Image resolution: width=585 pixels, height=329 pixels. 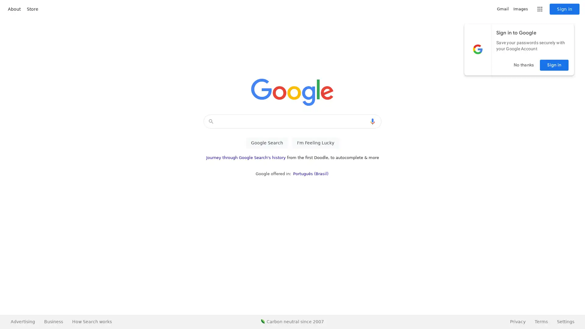 What do you see at coordinates (315, 143) in the screenshot?
I see `I'm Feeling Lucky` at bounding box center [315, 143].